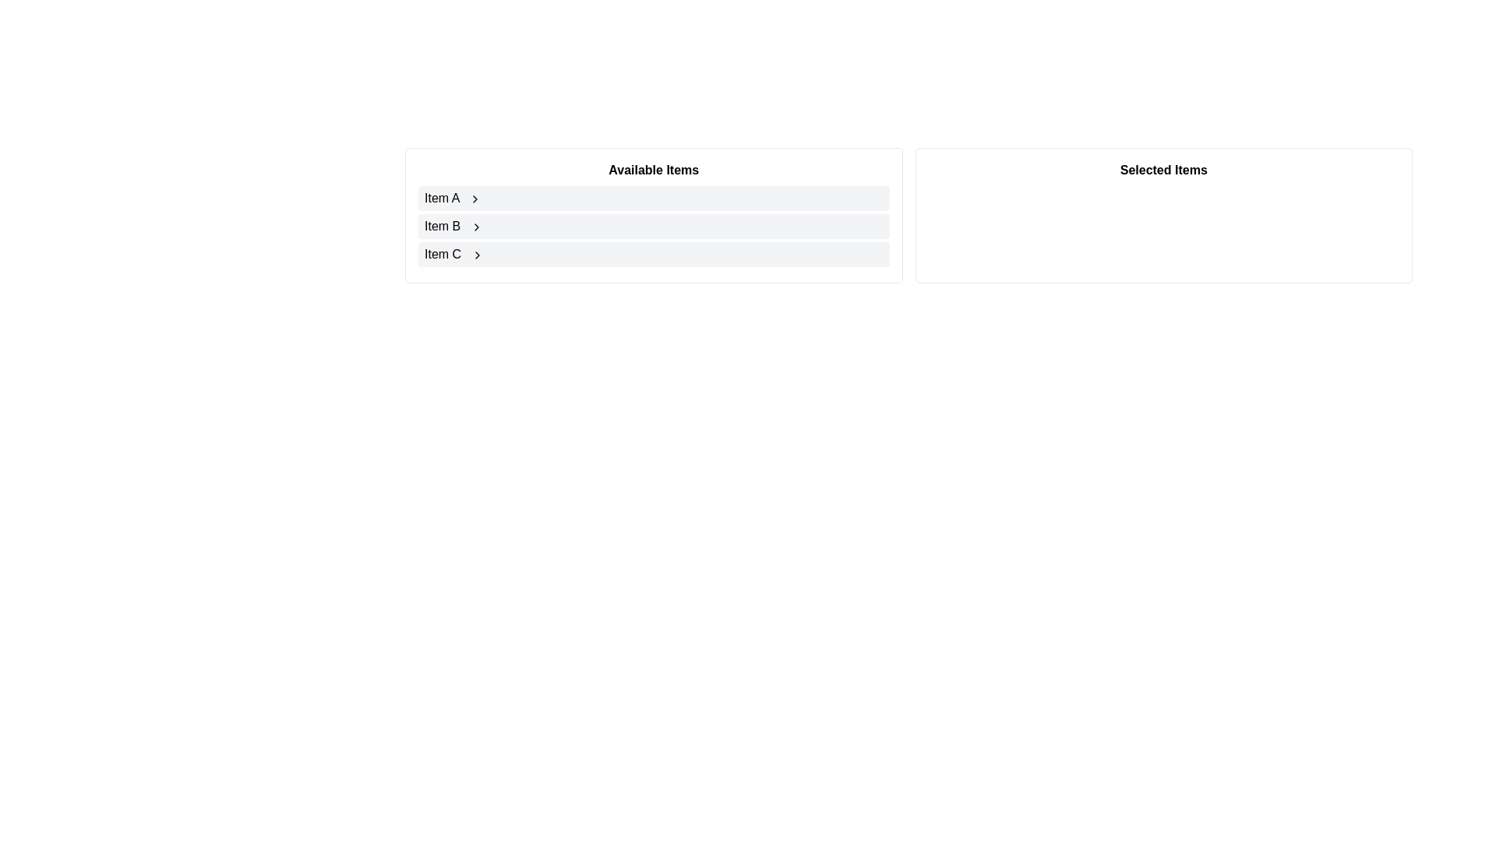  Describe the element at coordinates (476, 254) in the screenshot. I see `the small right-chevron icon next to 'Item C' in the last row of the 'Available Items' list` at that location.